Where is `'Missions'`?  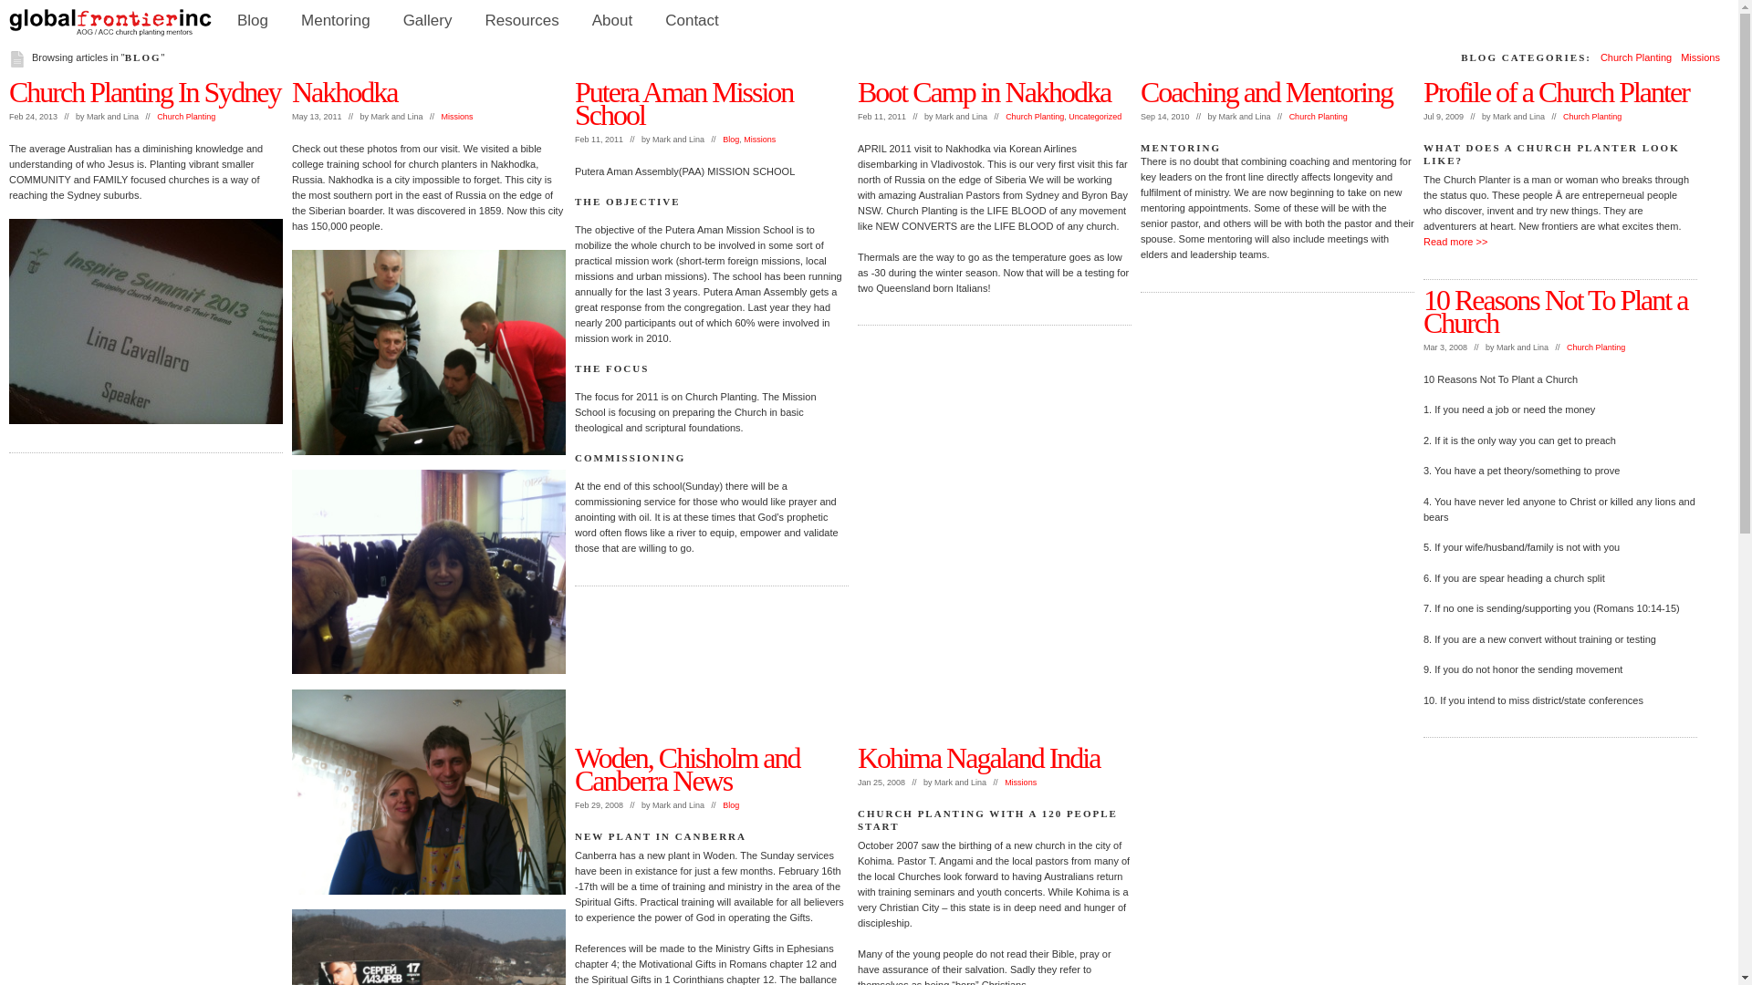 'Missions' is located at coordinates (457, 116).